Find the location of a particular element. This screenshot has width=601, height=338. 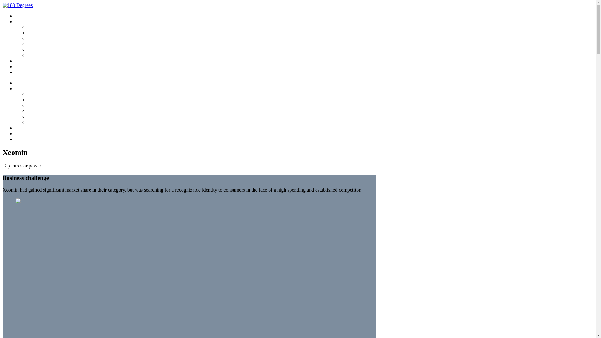

'Thermage FLX' is located at coordinates (42, 27).